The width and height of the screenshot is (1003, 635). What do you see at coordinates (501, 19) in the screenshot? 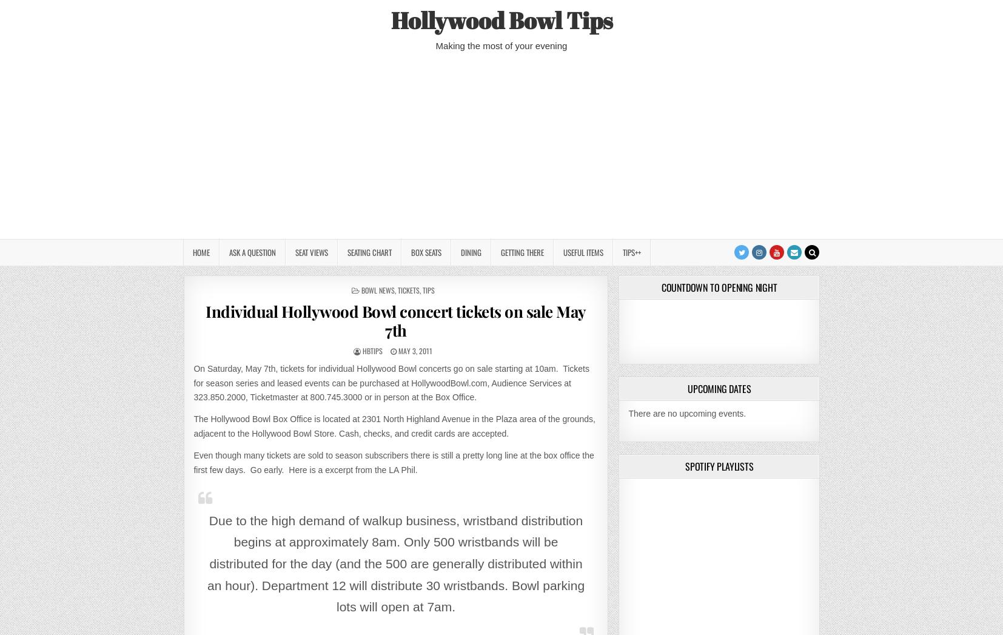
I see `'Hollywood Bowl Tips'` at bounding box center [501, 19].